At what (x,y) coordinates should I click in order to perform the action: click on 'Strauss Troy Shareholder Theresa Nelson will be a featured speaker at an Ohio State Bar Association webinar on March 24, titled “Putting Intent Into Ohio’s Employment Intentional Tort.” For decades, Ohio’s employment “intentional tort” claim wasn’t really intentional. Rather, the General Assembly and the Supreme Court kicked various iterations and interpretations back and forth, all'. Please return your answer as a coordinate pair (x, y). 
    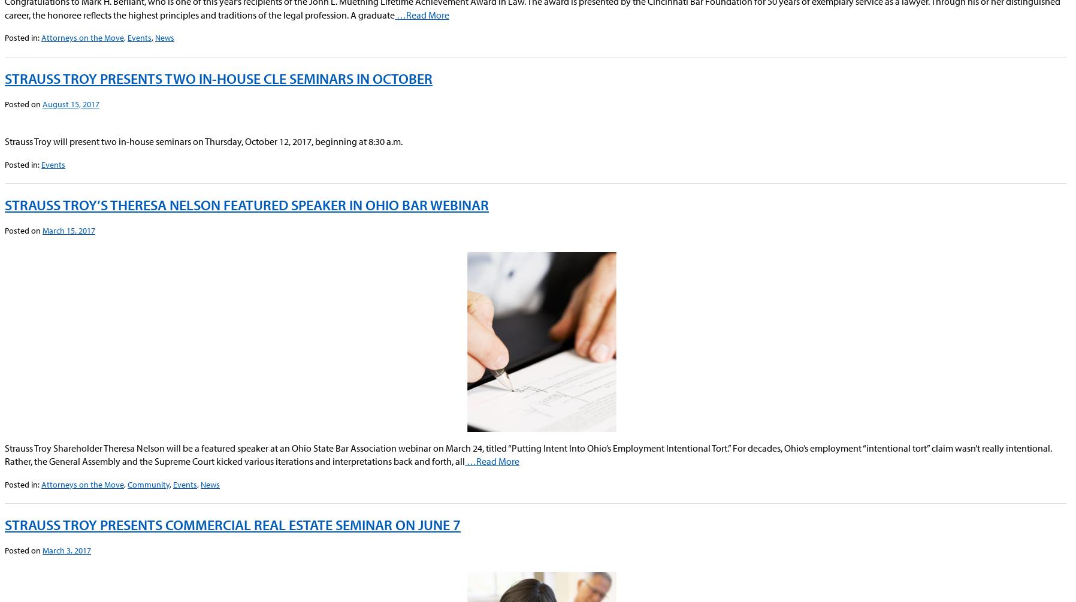
    Looking at the image, I should click on (528, 454).